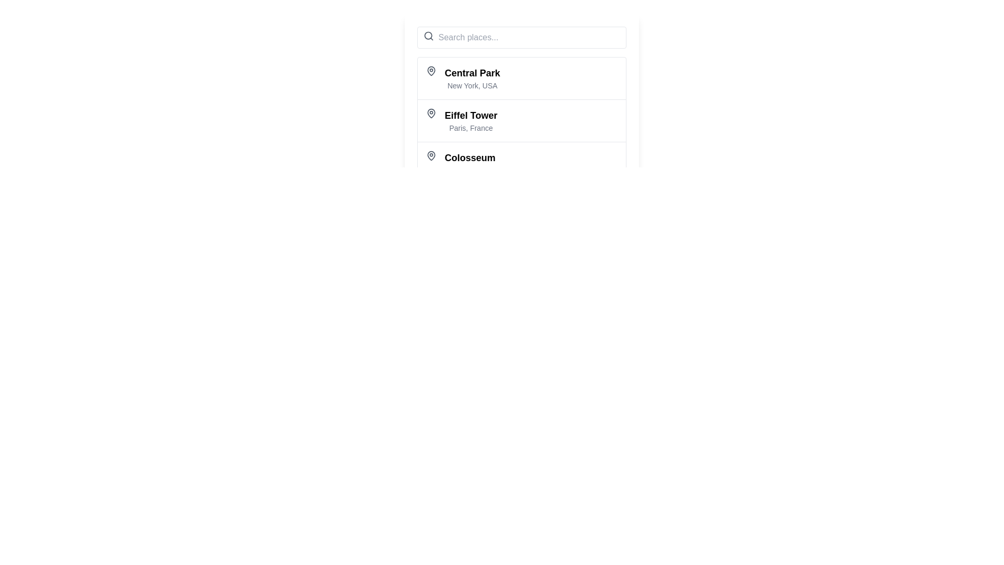  What do you see at coordinates (431, 113) in the screenshot?
I see `the map pin icon located to the left of the text 'Eiffel Tower, Paris, France' in the locations list` at bounding box center [431, 113].